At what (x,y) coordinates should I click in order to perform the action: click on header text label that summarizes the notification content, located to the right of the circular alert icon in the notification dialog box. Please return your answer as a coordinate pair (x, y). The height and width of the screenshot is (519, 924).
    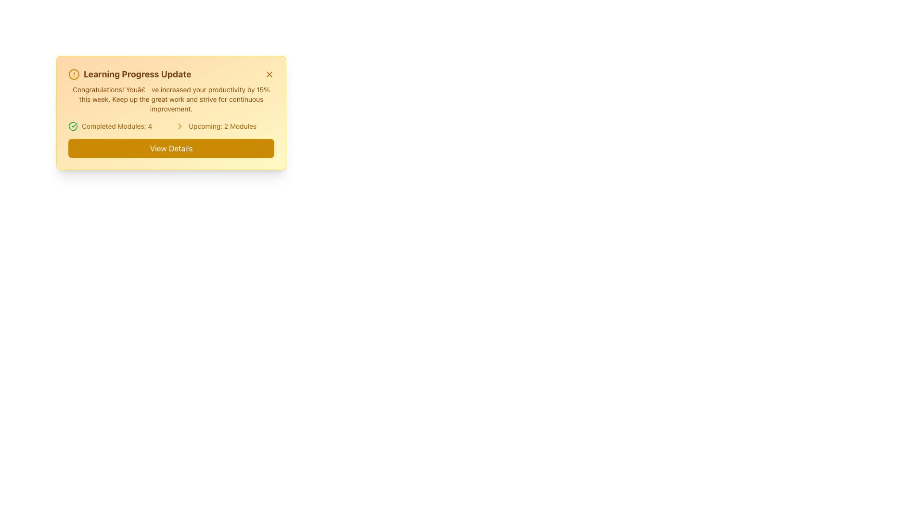
    Looking at the image, I should click on (137, 74).